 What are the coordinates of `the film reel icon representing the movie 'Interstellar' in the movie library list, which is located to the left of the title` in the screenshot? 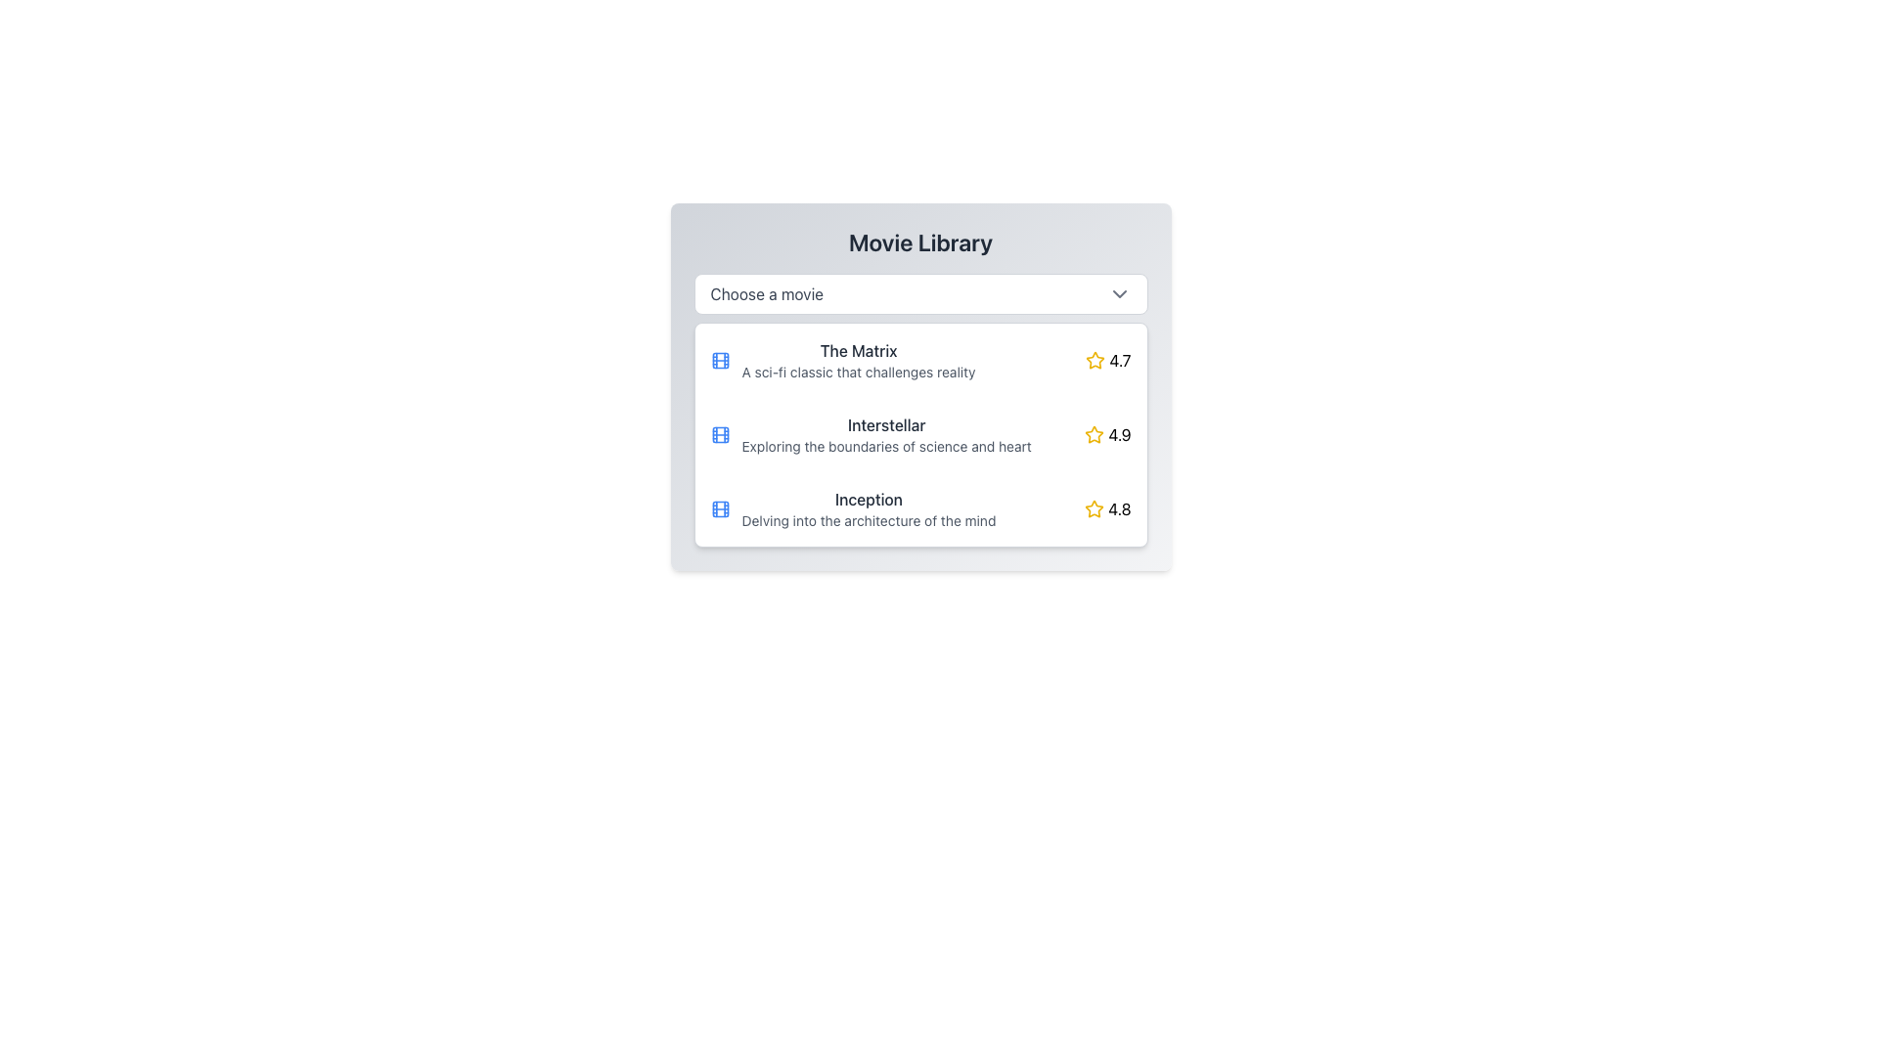 It's located at (719, 433).